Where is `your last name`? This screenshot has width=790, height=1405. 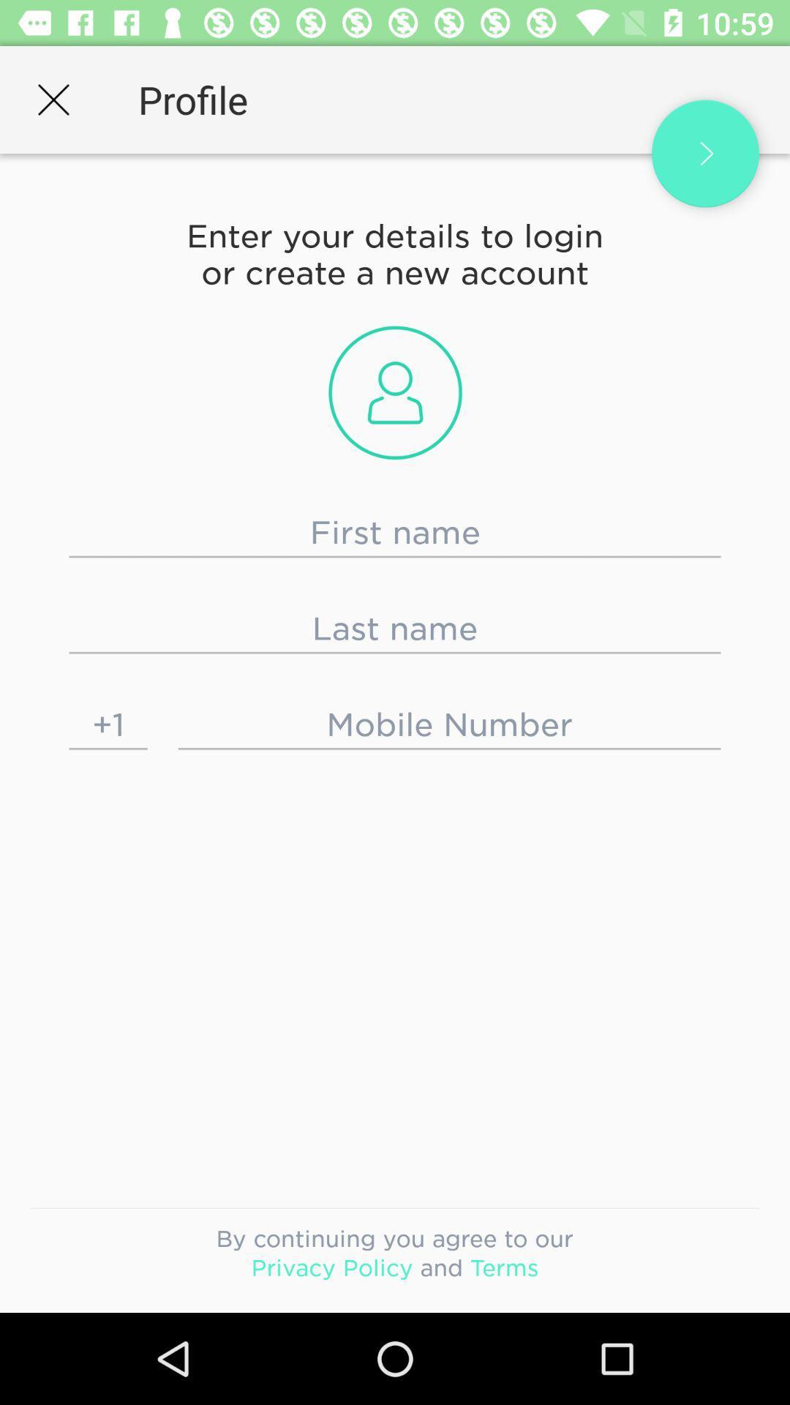
your last name is located at coordinates (395, 629).